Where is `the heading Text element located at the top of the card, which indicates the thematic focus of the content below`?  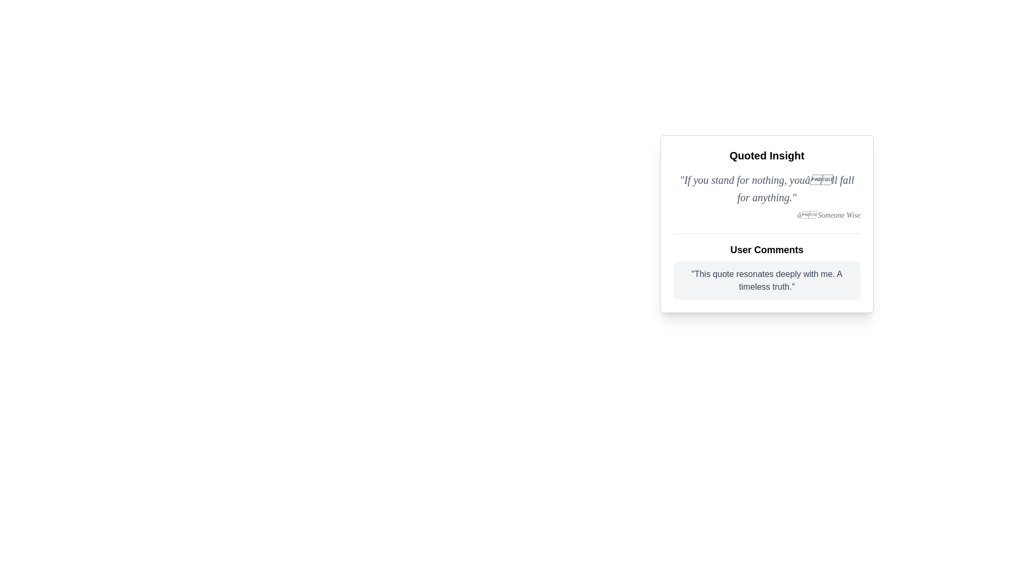 the heading Text element located at the top of the card, which indicates the thematic focus of the content below is located at coordinates (767, 155).